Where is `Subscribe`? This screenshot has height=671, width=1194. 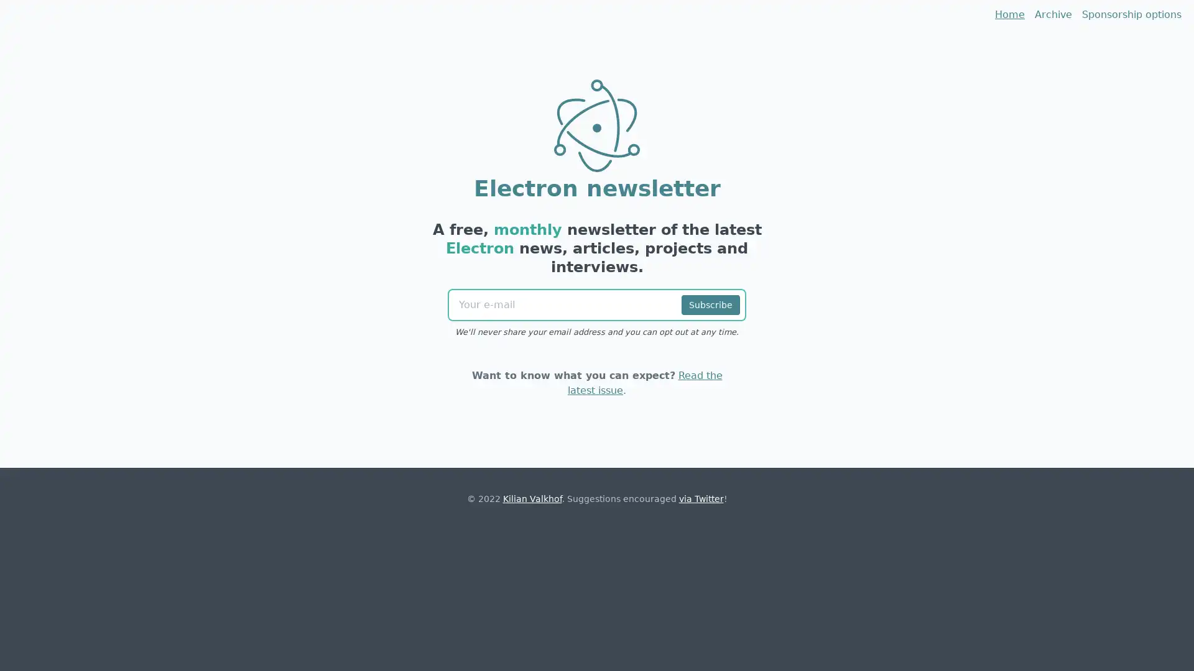 Subscribe is located at coordinates (710, 304).